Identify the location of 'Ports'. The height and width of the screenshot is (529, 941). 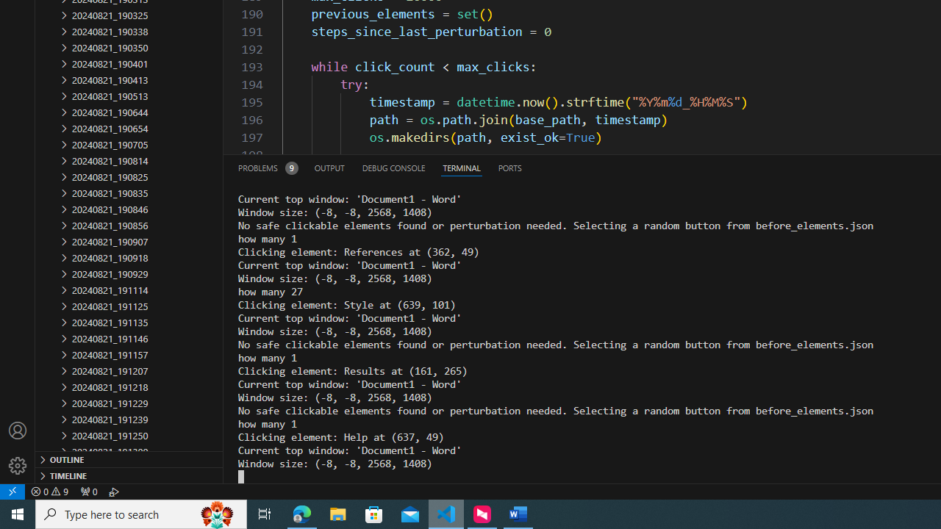
(509, 167).